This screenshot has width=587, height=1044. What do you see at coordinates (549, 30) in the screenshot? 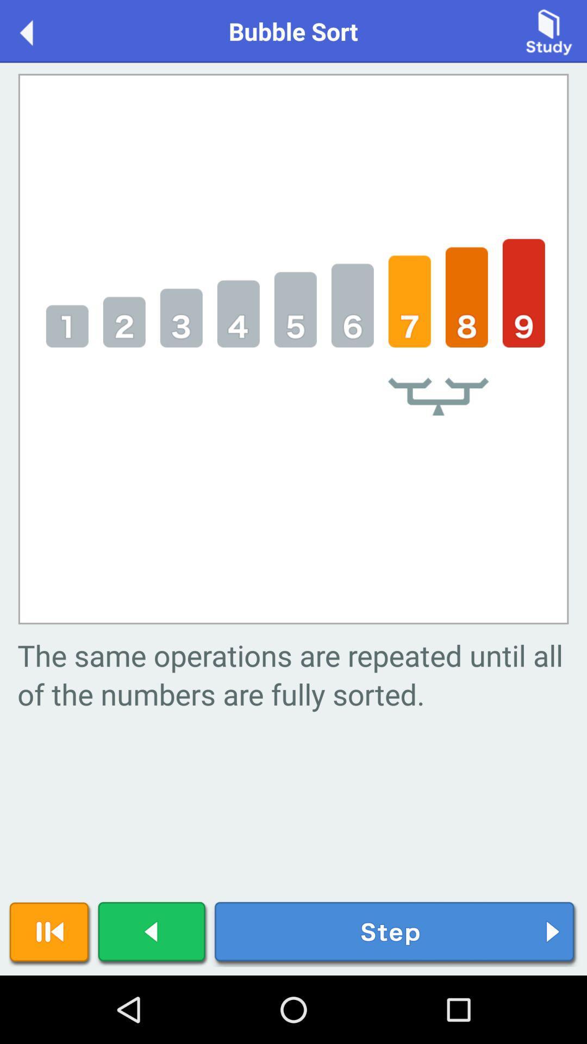
I see `press to study` at bounding box center [549, 30].